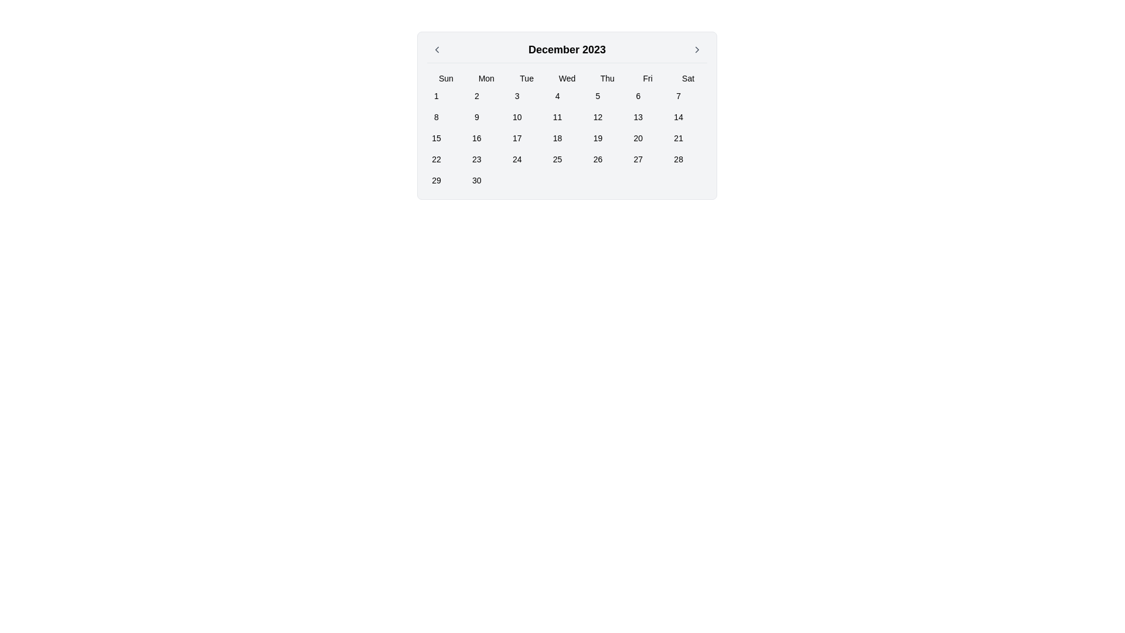  What do you see at coordinates (476, 96) in the screenshot?
I see `the selectable date '2' button on the calendar, positioned directly below 'Mon'` at bounding box center [476, 96].